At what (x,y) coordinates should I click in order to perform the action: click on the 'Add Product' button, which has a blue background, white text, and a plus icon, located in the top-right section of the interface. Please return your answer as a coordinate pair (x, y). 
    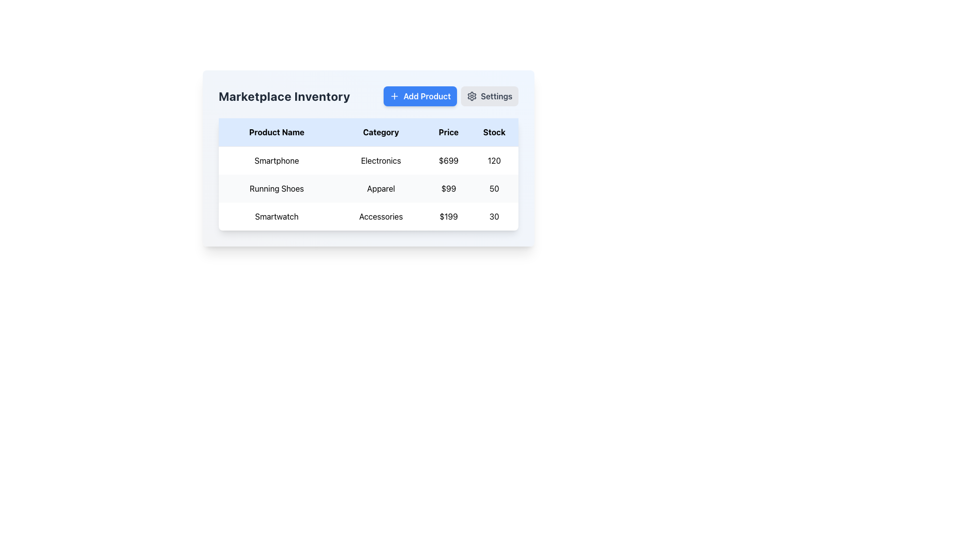
    Looking at the image, I should click on (420, 96).